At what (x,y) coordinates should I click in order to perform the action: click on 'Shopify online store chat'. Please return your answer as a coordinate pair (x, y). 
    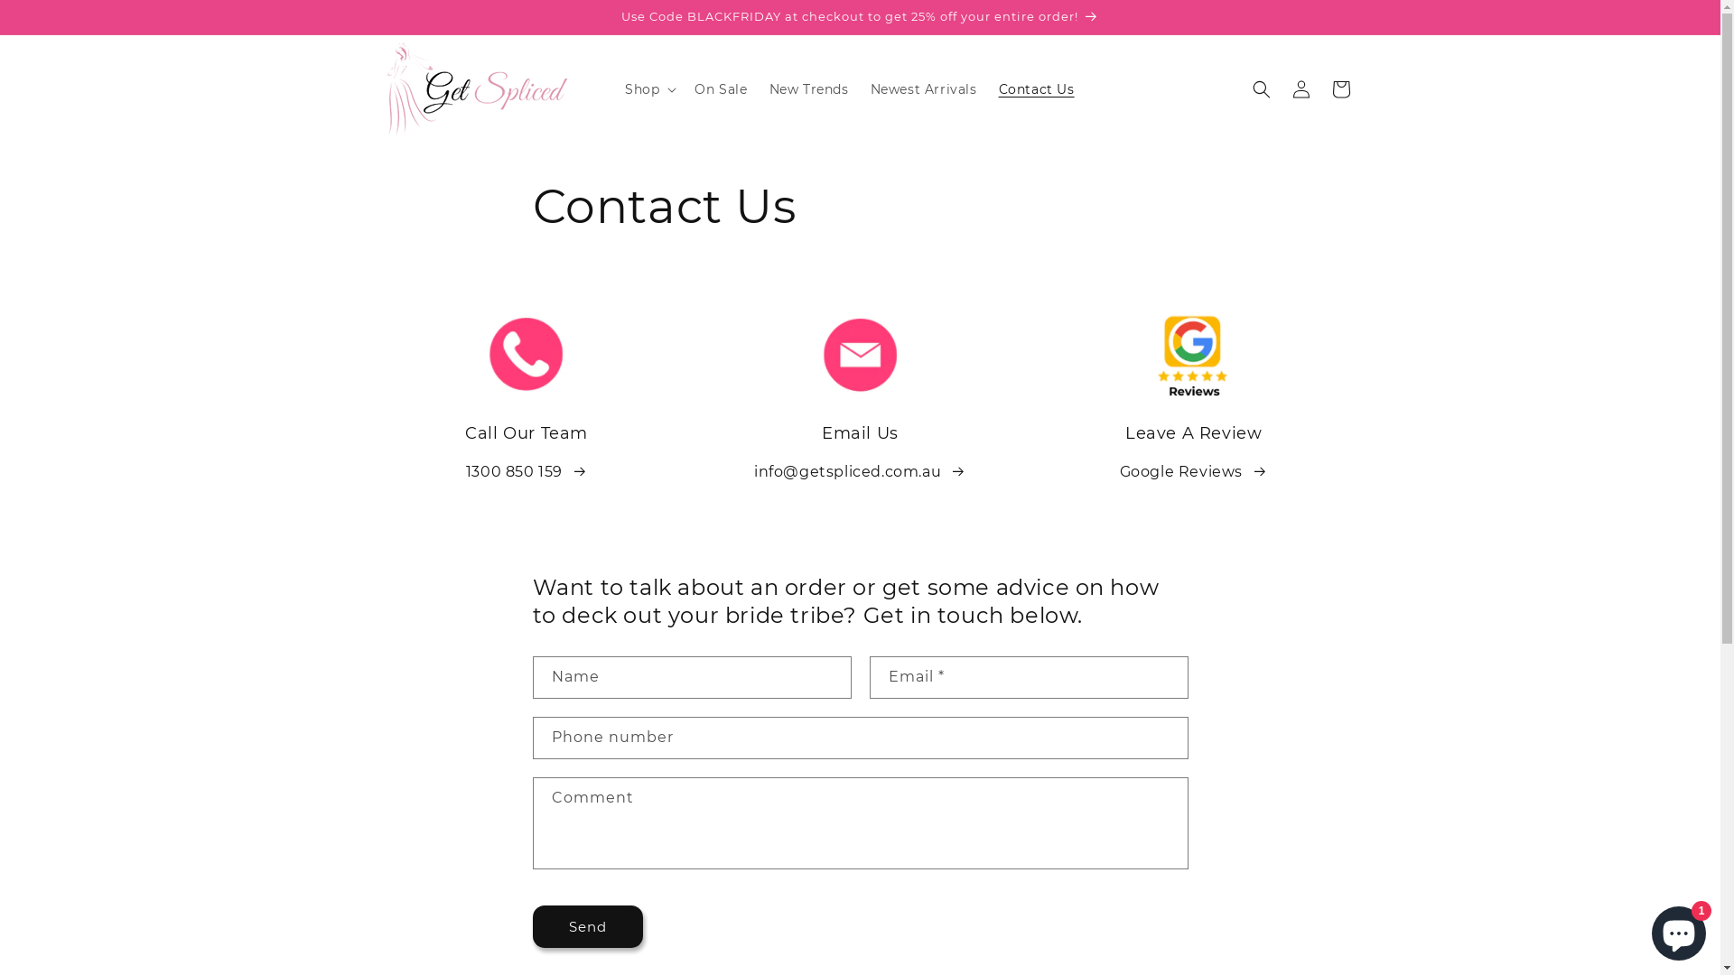
    Looking at the image, I should click on (1677, 929).